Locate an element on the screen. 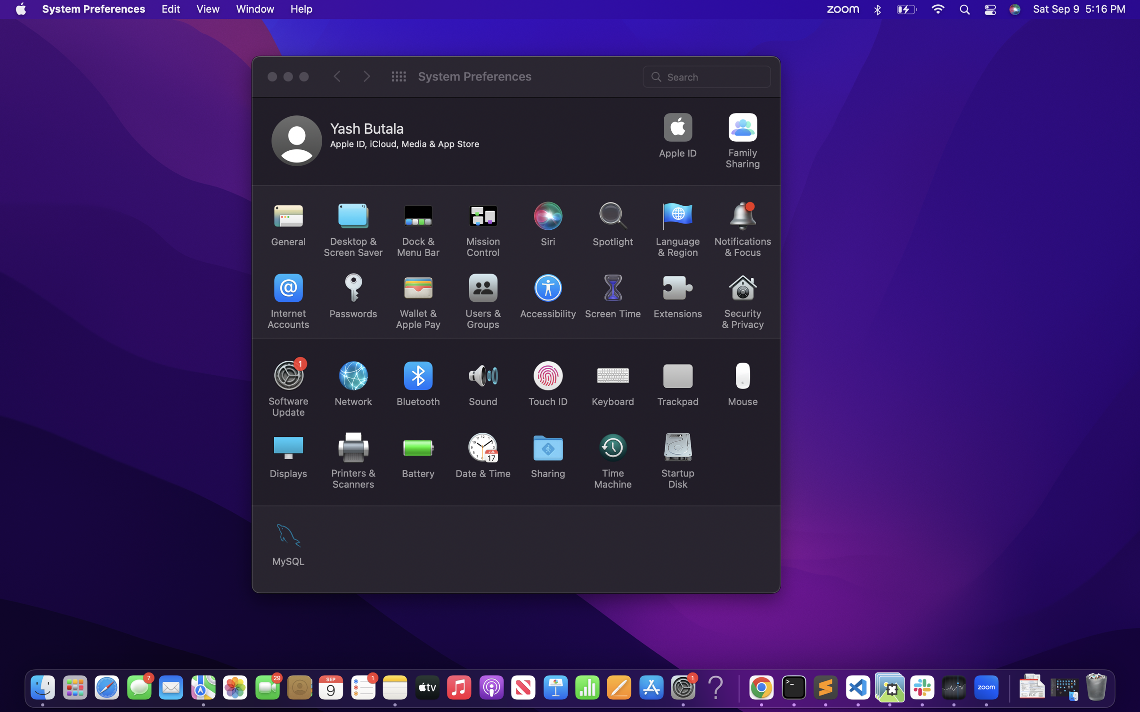  Navigate the adjustments needed to switch the principal printer is located at coordinates (350, 459).